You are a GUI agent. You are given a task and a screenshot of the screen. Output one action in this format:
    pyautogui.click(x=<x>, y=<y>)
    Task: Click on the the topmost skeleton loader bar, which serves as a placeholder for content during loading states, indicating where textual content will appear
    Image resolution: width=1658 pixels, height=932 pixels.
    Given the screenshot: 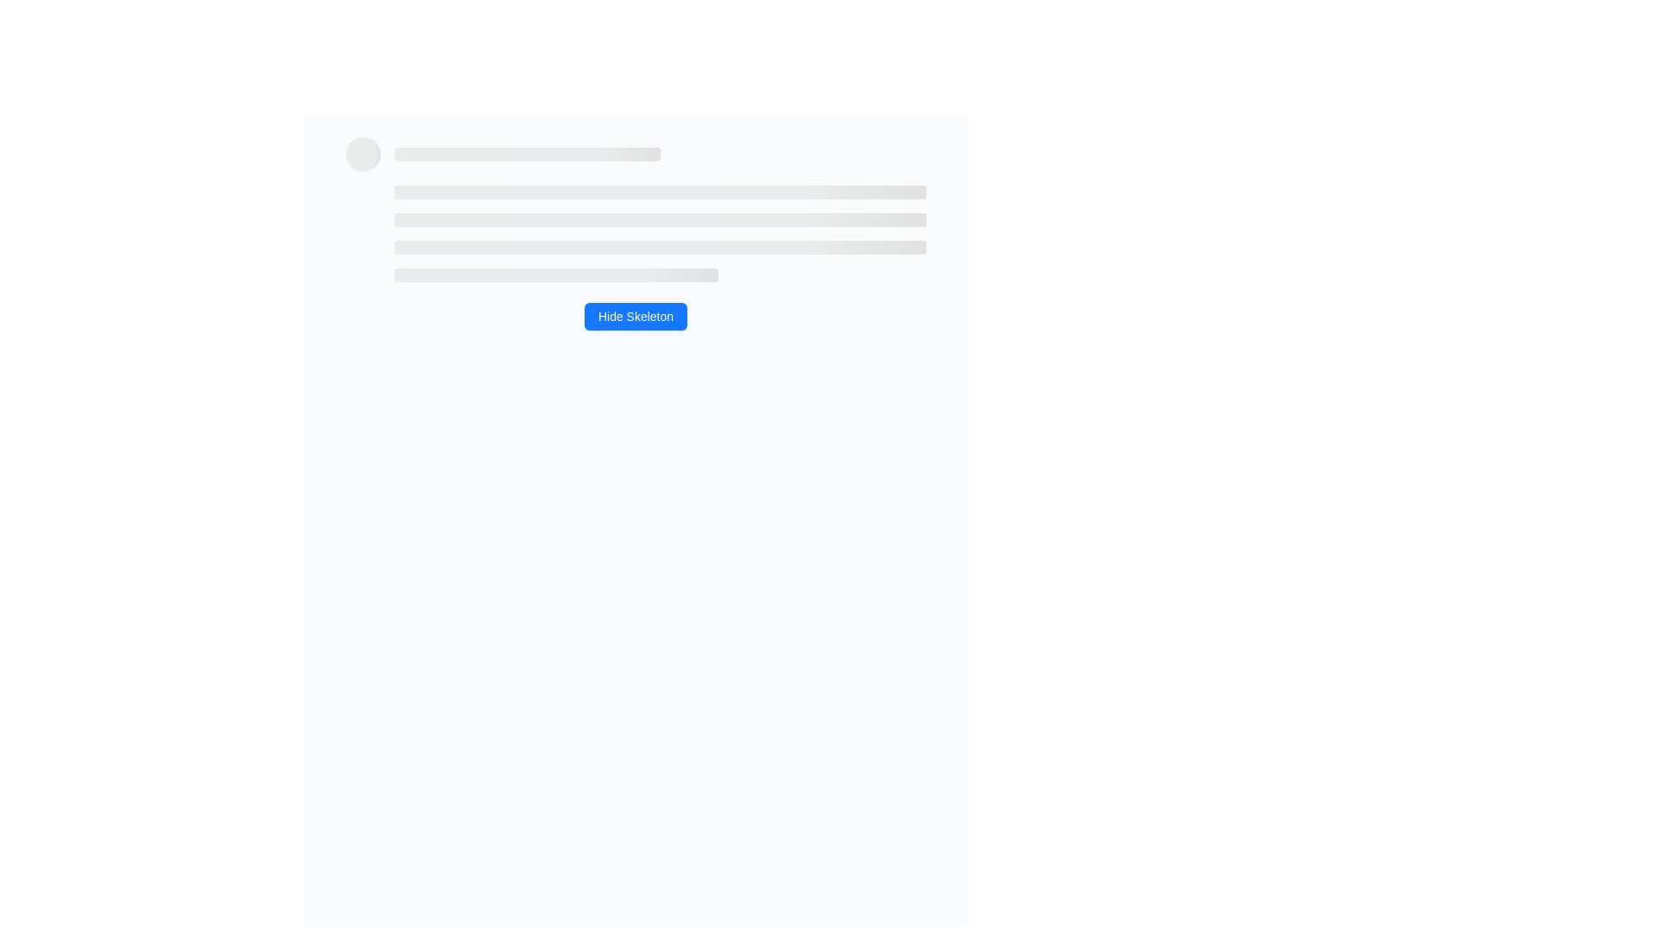 What is the action you would take?
    pyautogui.click(x=659, y=192)
    